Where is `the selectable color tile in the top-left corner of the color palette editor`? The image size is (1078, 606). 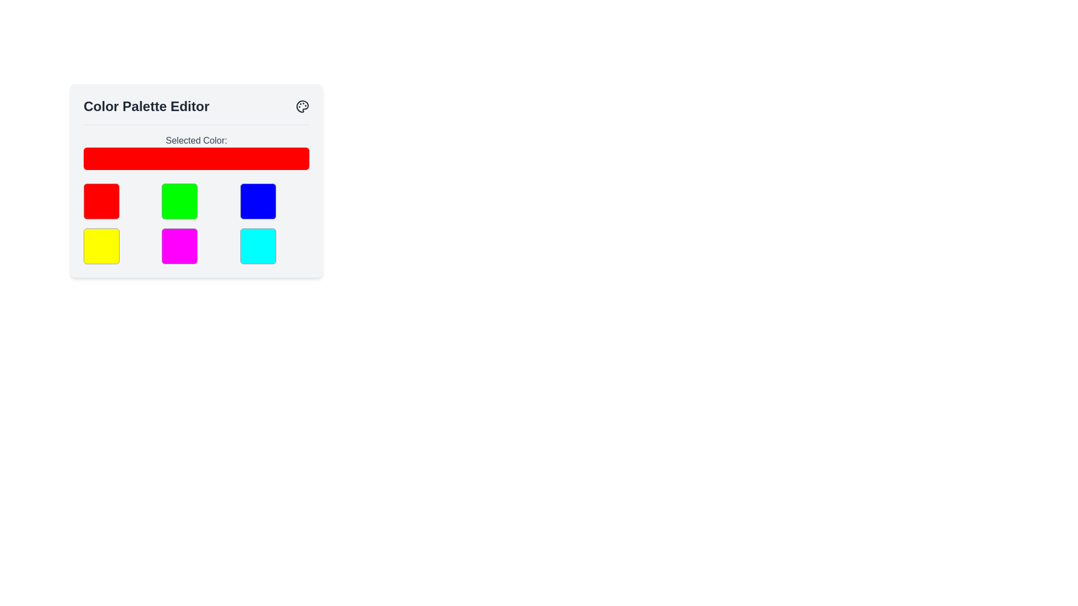 the selectable color tile in the top-left corner of the color palette editor is located at coordinates (102, 200).